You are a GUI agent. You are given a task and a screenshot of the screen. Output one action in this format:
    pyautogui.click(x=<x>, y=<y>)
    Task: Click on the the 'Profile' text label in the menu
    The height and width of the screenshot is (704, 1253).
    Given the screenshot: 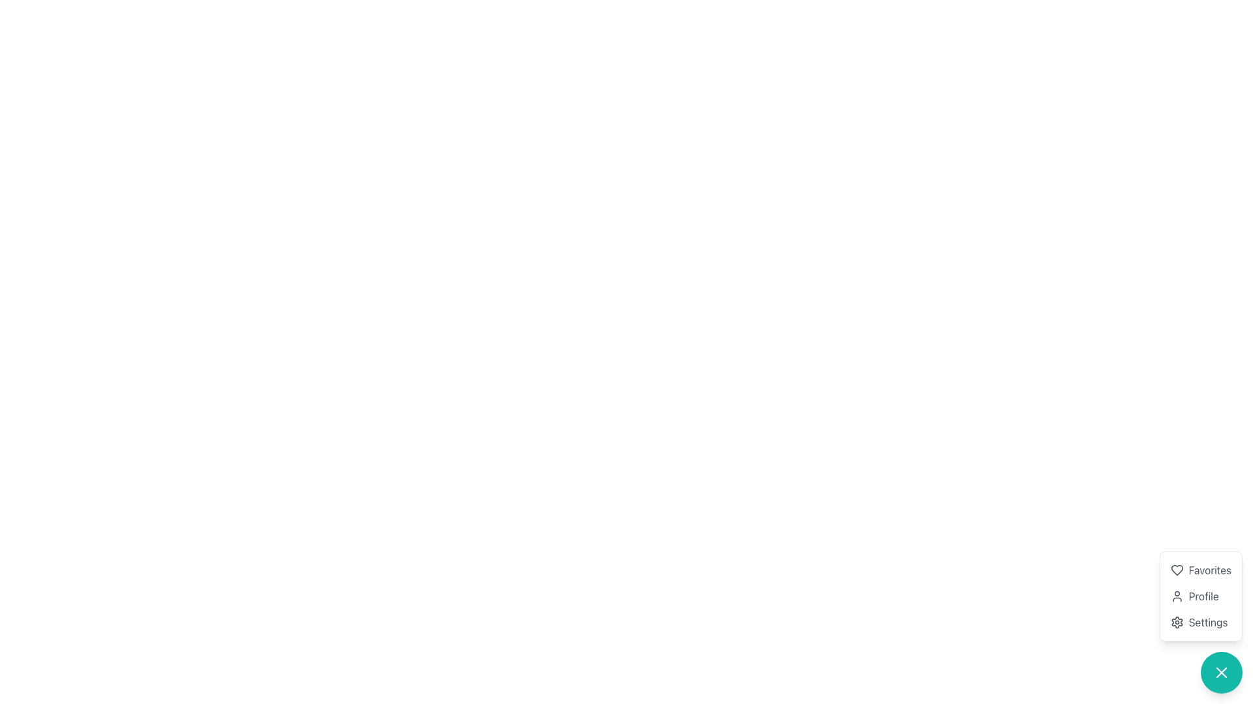 What is the action you would take?
    pyautogui.click(x=1203, y=596)
    